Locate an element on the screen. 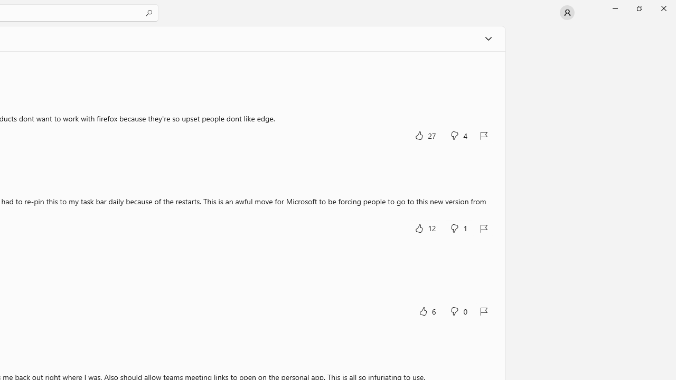 This screenshot has height=380, width=676. 'No, this was not helpful. 4 votes.' is located at coordinates (458, 135).